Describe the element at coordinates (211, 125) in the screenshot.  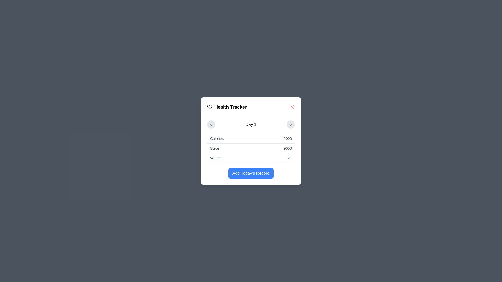
I see `the leftmost button in the header section, positioned to the left of the text 'Day 1'` at that location.